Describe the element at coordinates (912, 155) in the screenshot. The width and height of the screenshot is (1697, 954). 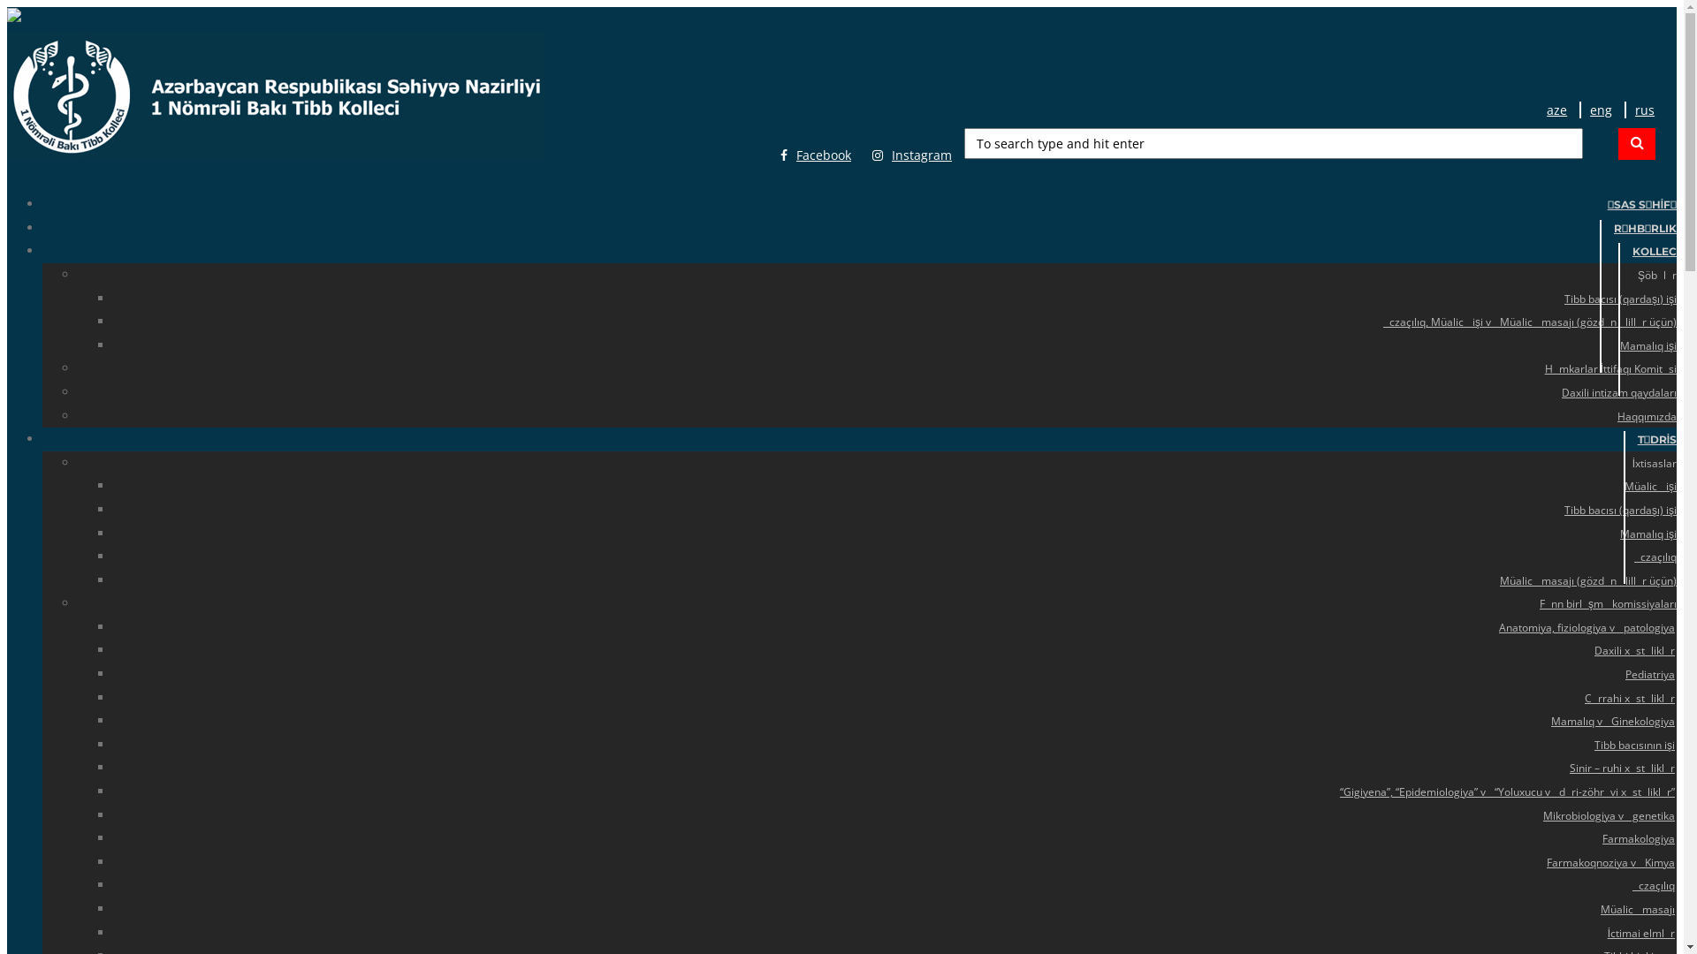
I see `'Instagram'` at that location.